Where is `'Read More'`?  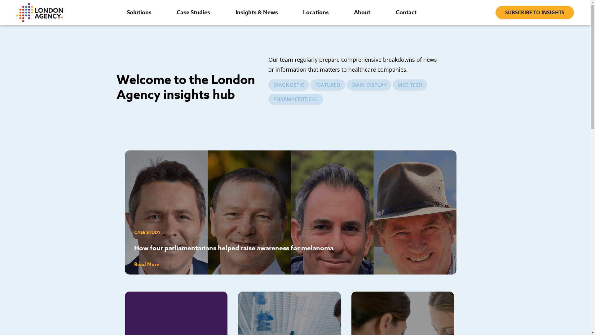 'Read More' is located at coordinates (146, 264).